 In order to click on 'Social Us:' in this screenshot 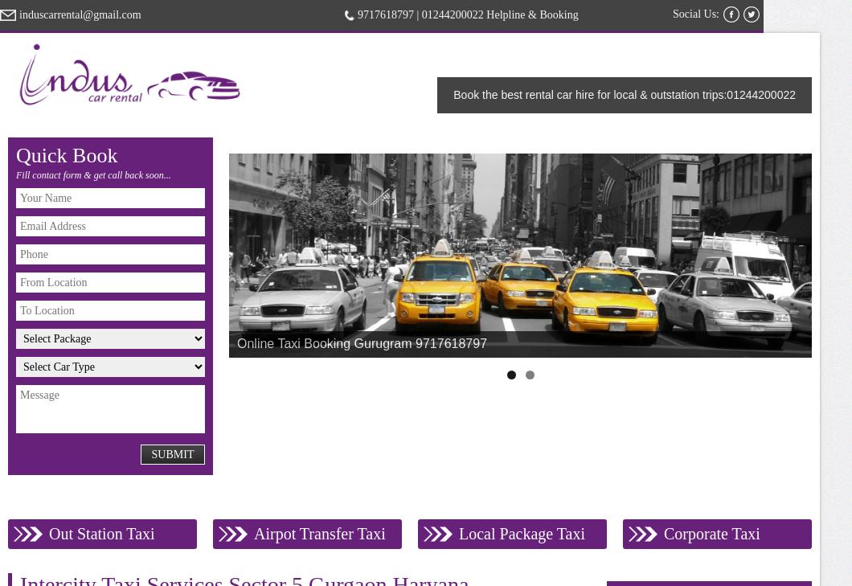, I will do `click(672, 13)`.